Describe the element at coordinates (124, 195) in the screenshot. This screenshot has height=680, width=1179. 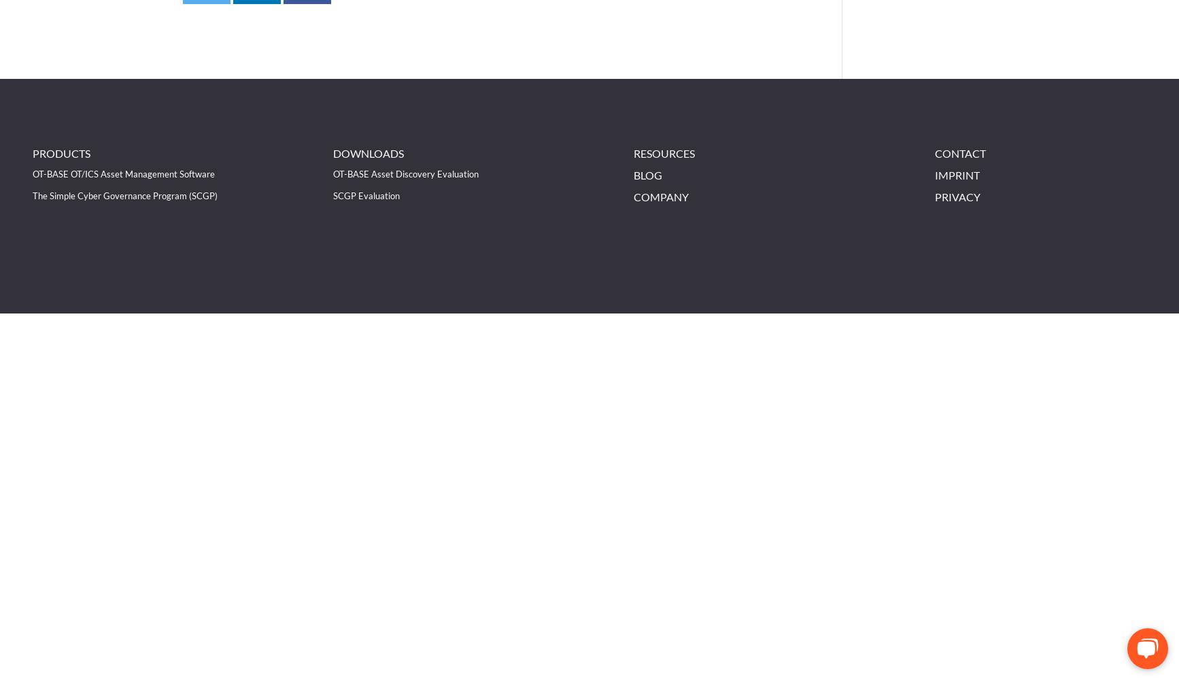
I see `'The Simple Cyber Governance Program (SCGP)'` at that location.